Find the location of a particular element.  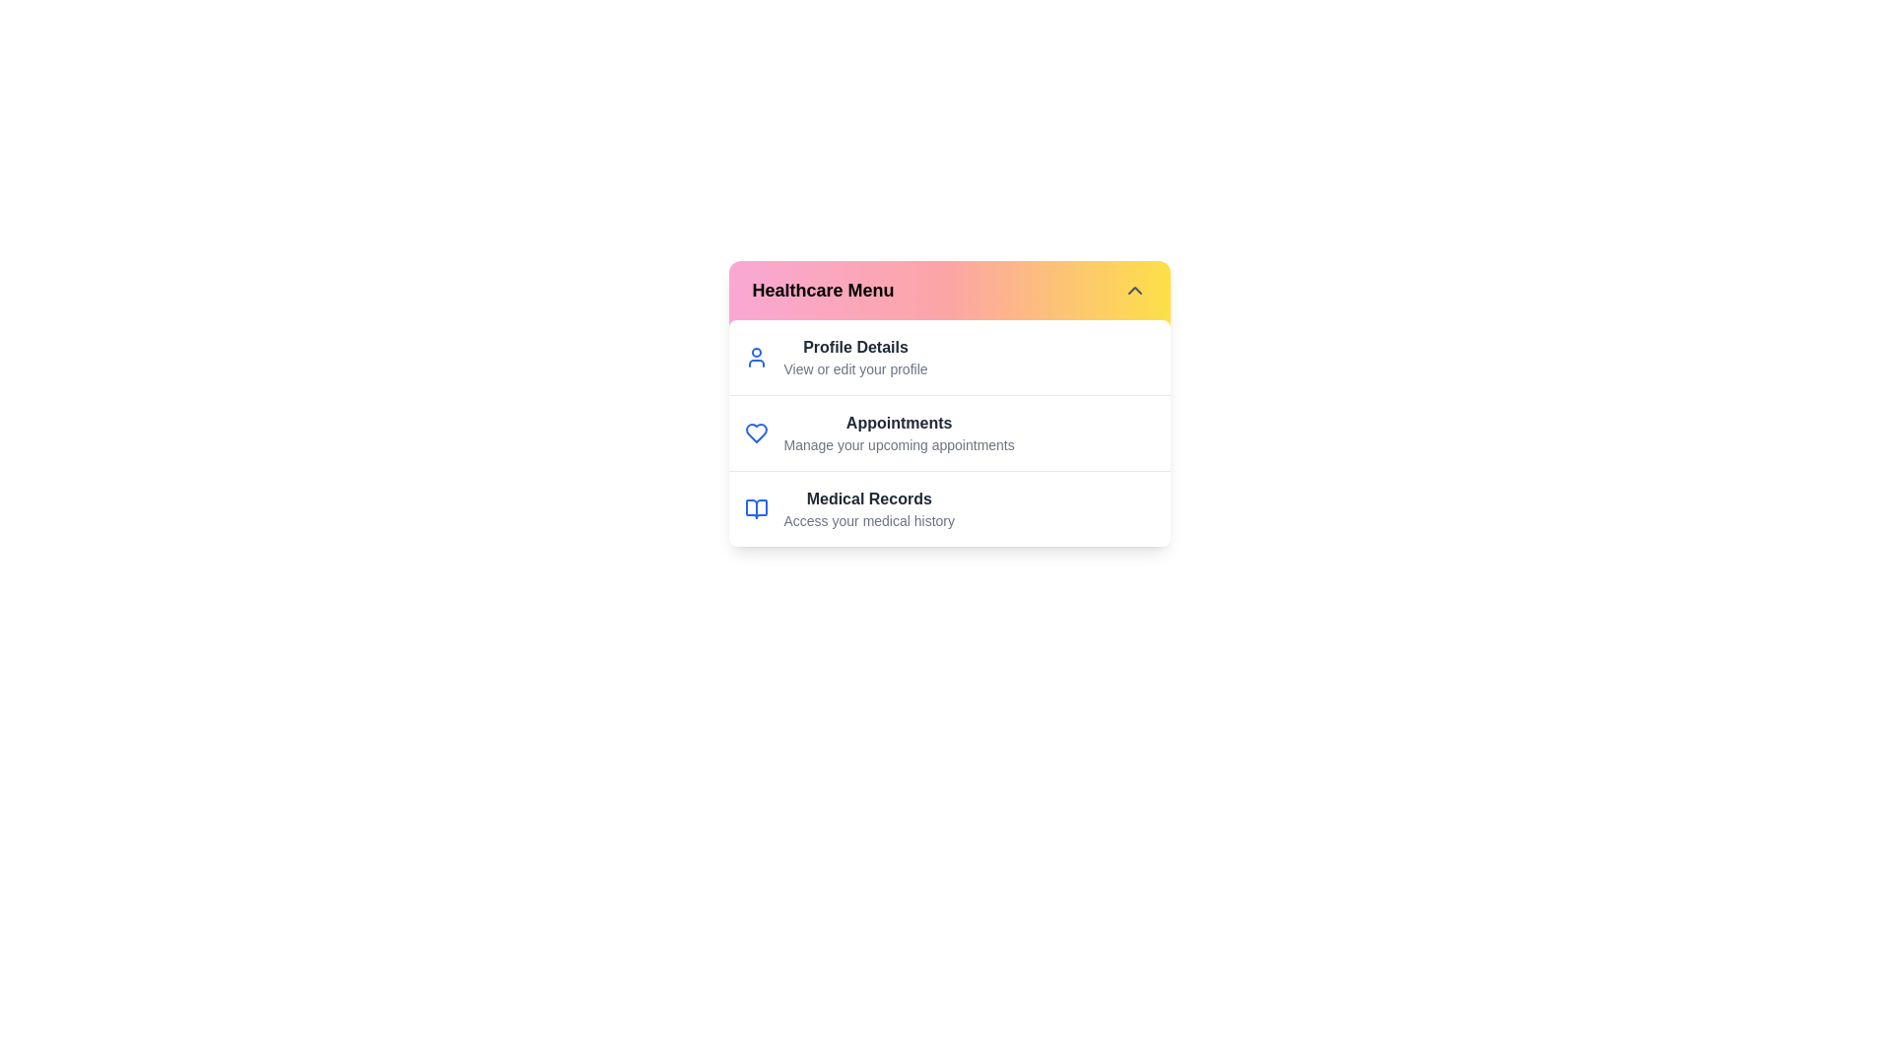

the menu option Profile Details from the Healthcare Menu is located at coordinates (855, 347).